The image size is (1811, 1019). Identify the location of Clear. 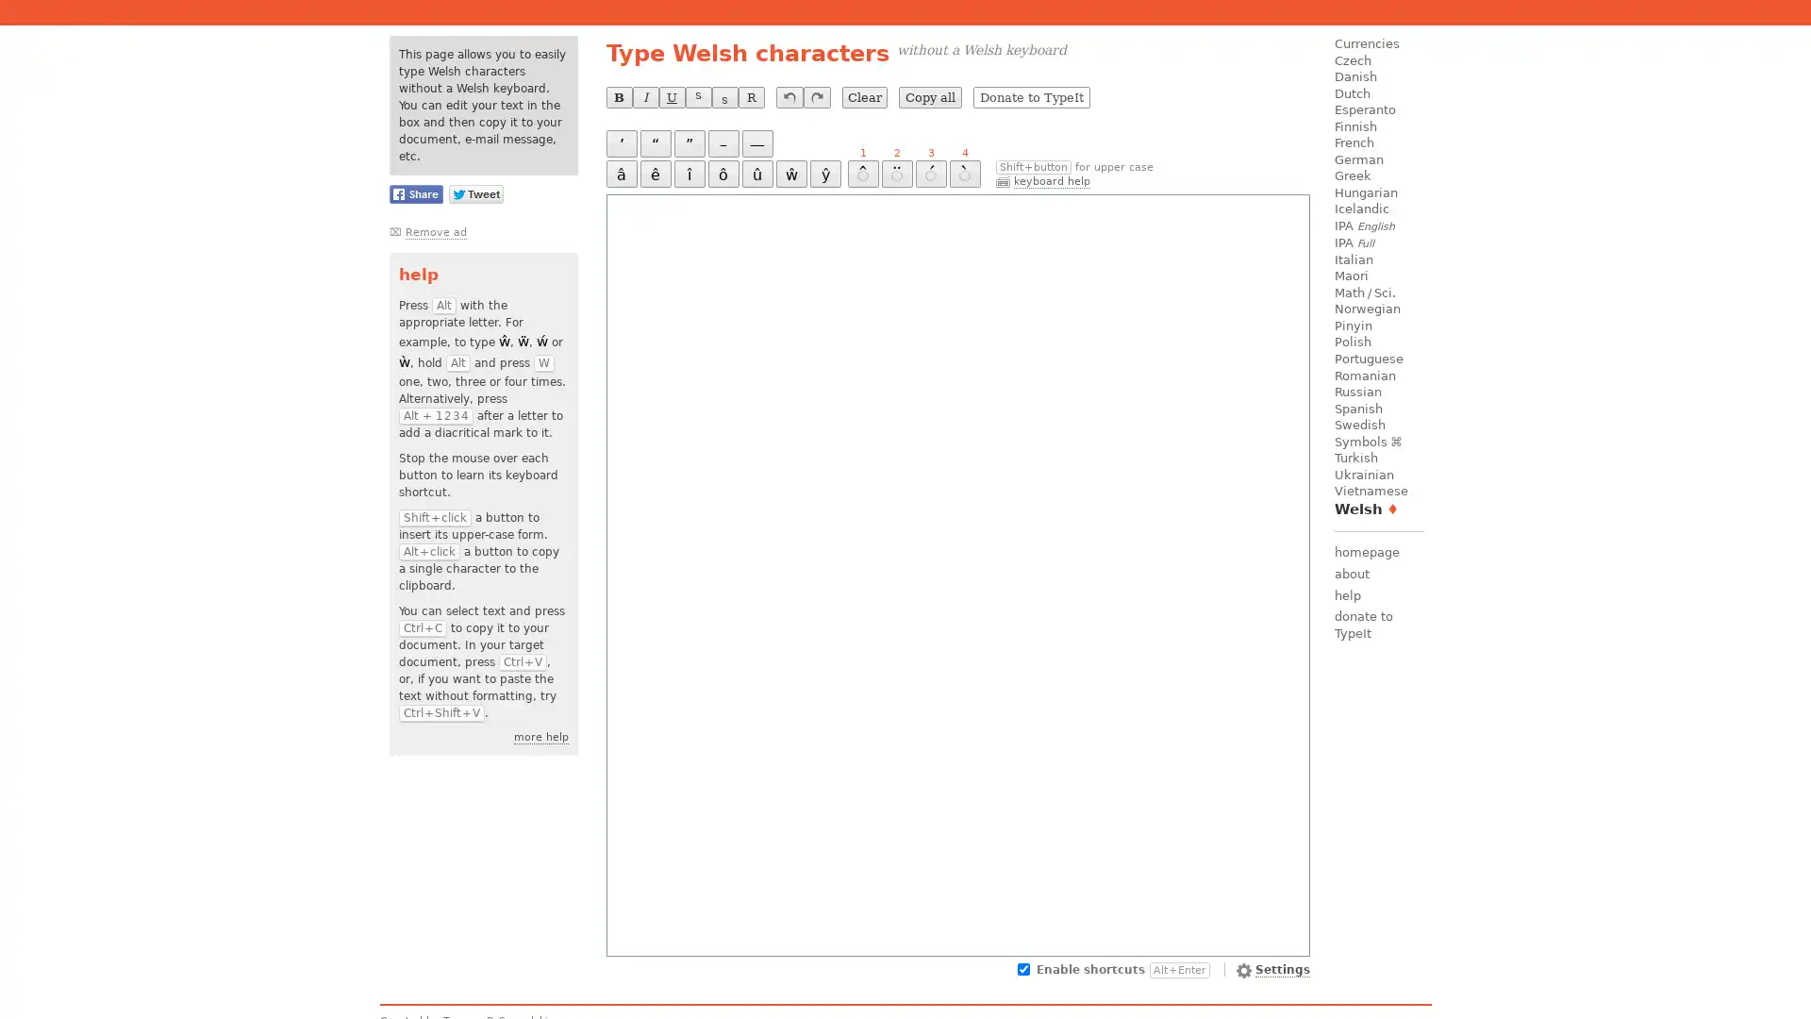
(863, 97).